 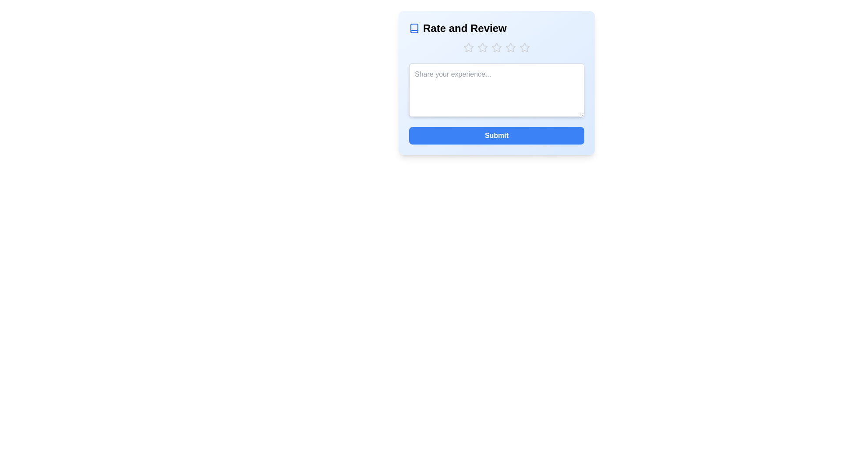 I want to click on the text area and type the feedback 'Great service!', so click(x=496, y=90).